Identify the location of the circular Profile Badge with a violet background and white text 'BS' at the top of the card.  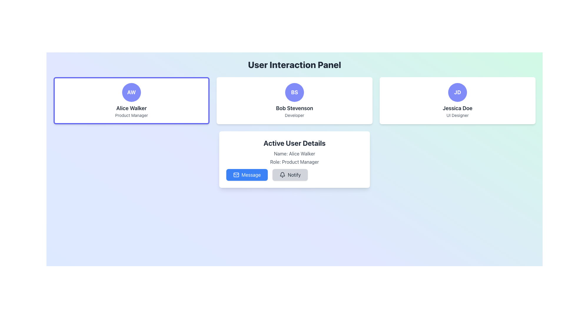
(295, 92).